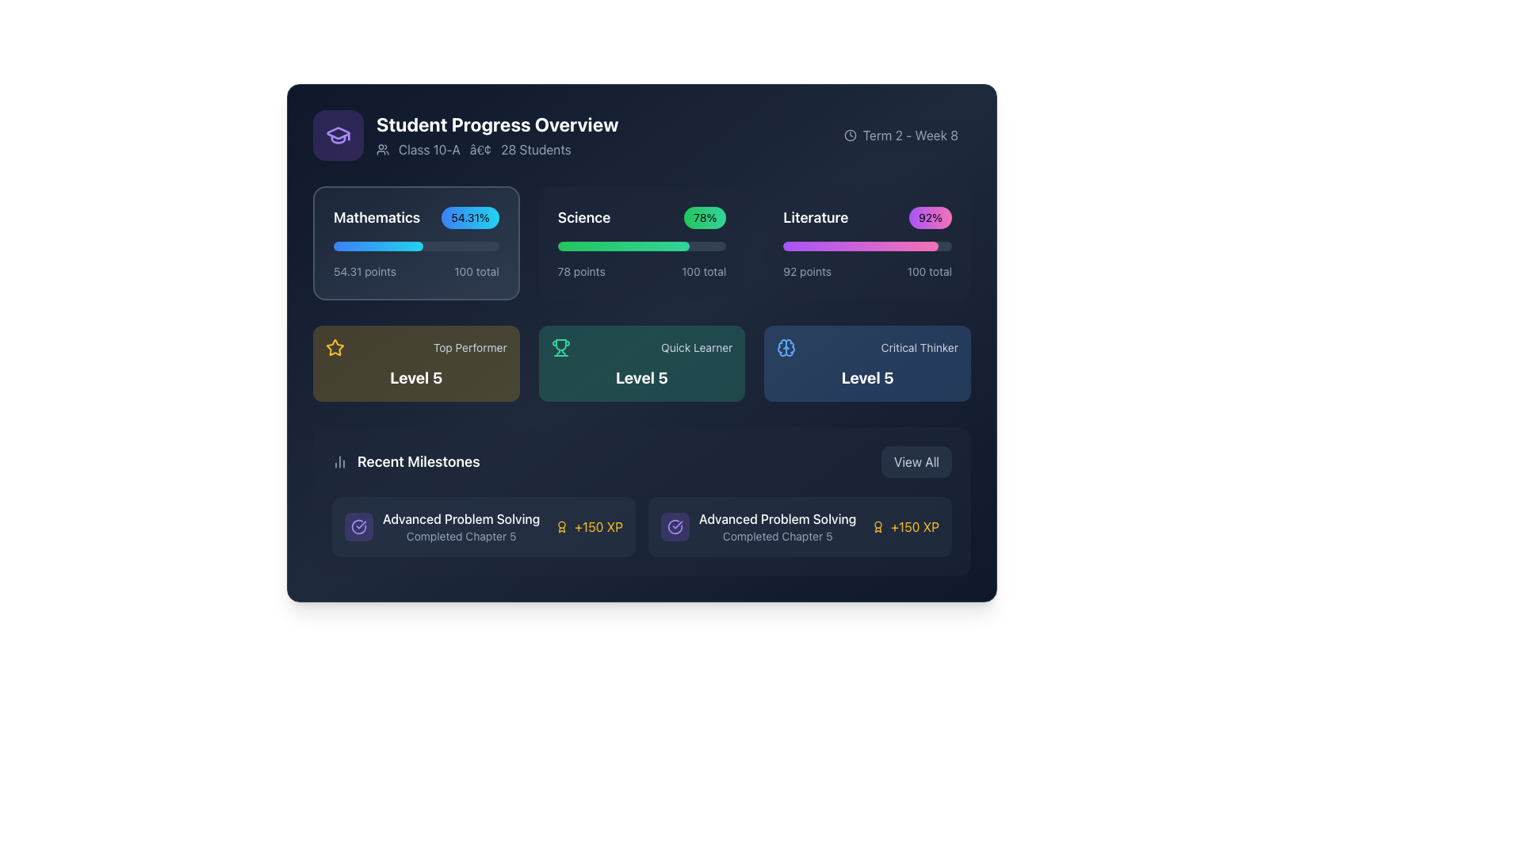 Image resolution: width=1522 pixels, height=856 pixels. I want to click on and interpret the symbolic meaning of the icon located in the heading section, adjacent to the text 'Class 10-A', so click(383, 150).